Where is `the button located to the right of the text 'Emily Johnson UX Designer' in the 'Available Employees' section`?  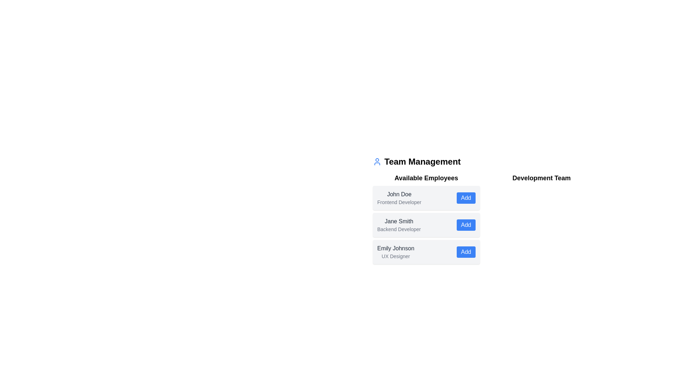
the button located to the right of the text 'Emily Johnson UX Designer' in the 'Available Employees' section is located at coordinates (466, 252).